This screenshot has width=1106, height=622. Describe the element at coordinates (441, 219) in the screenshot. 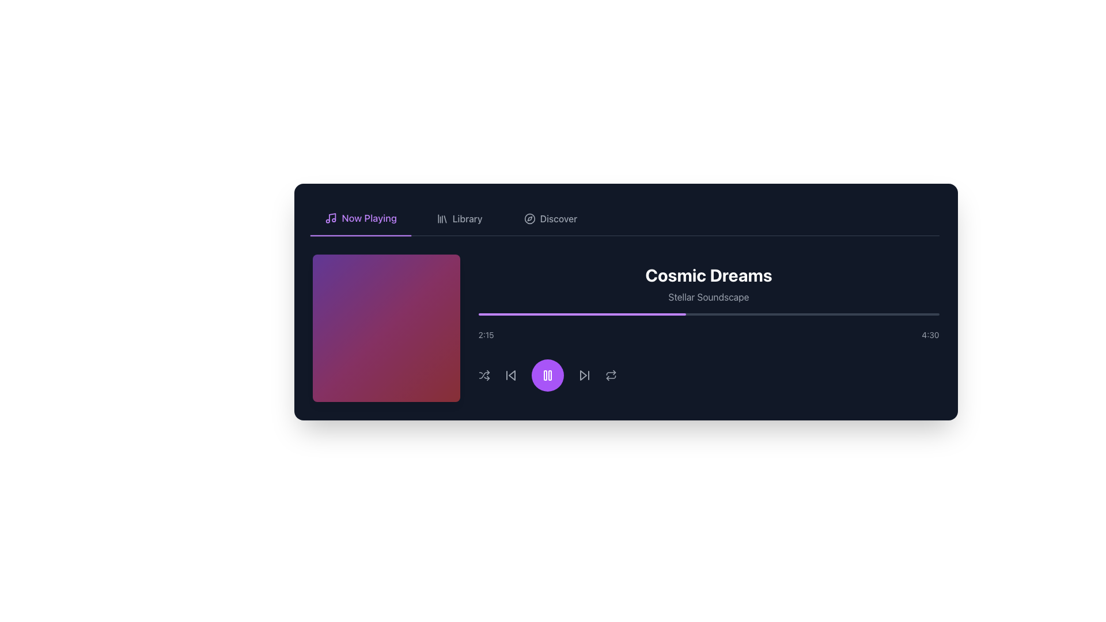

I see `the SVG icon representing the 'Library' menu item in the navigation bar` at that location.